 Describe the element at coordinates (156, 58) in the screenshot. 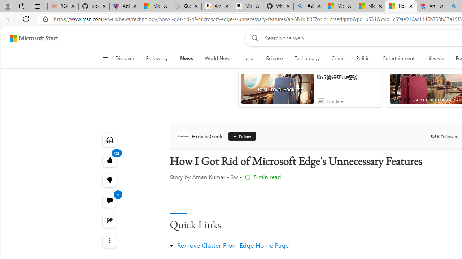

I see `'Following'` at that location.